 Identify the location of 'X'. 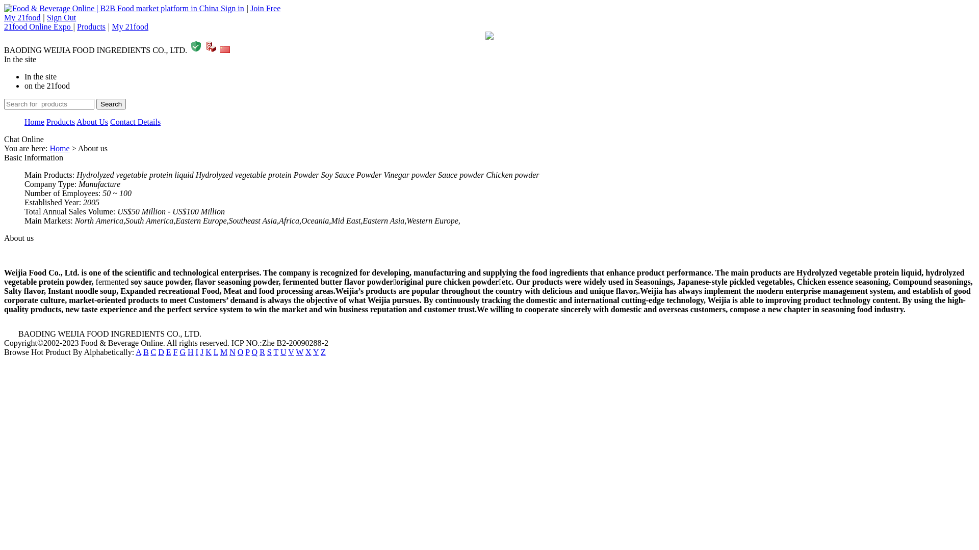
(307, 351).